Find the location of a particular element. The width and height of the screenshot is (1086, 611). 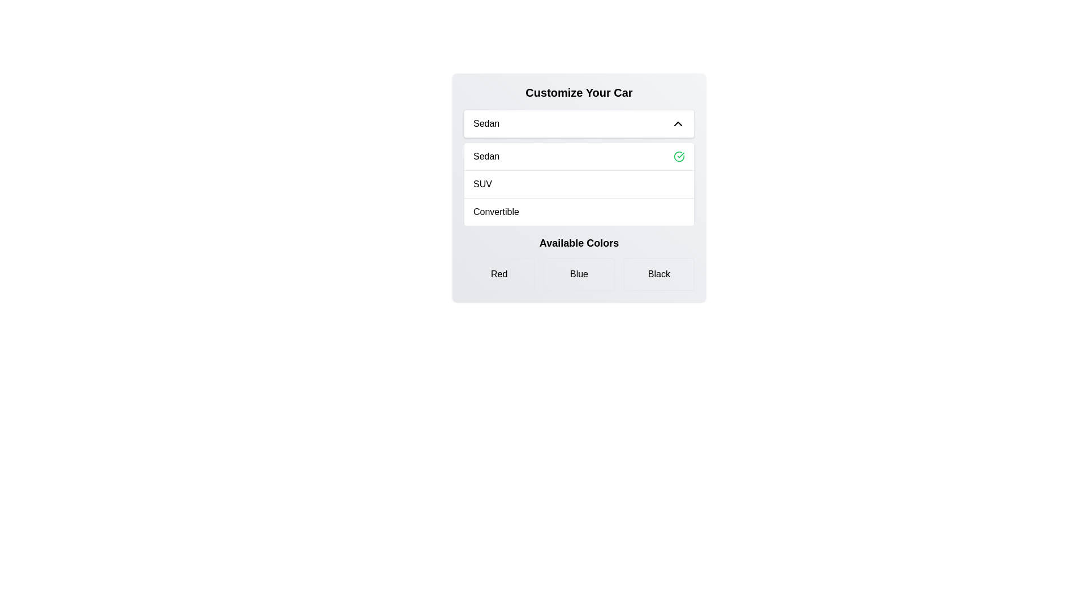

the 'Convertible' option in the dropdown menu, which is the third option located below 'Sedan' and 'SUV' is located at coordinates (496, 212).